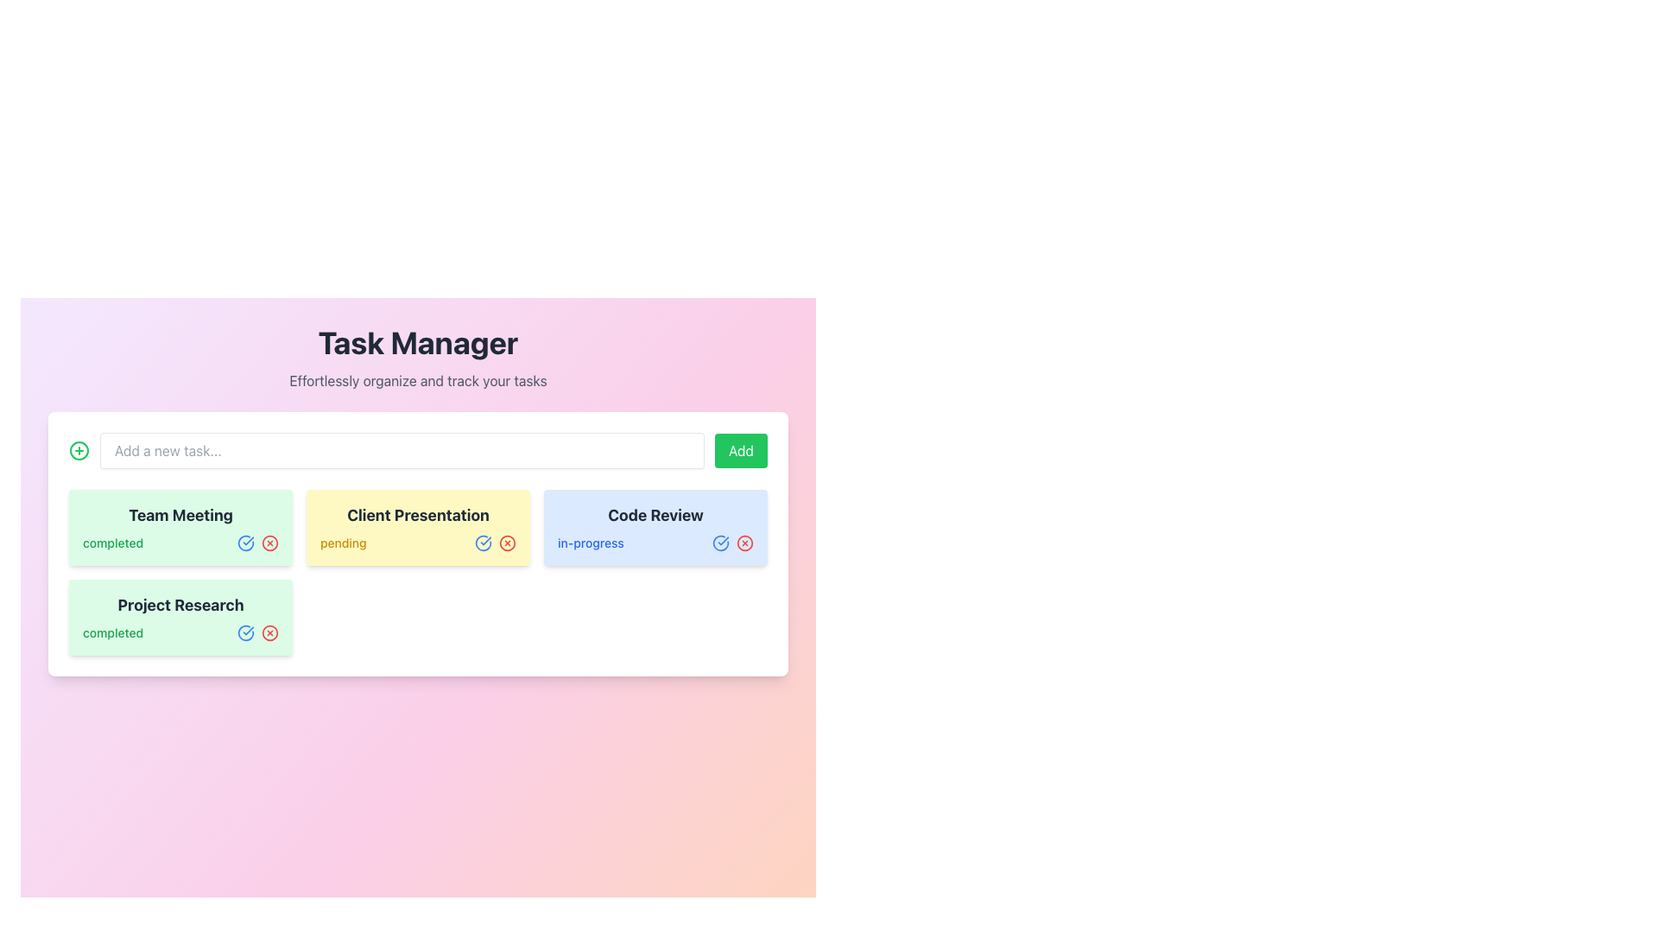  Describe the element at coordinates (343, 542) in the screenshot. I see `the status indicator text label for the 'Client Presentation' task, which shows that the task is currently pending` at that location.